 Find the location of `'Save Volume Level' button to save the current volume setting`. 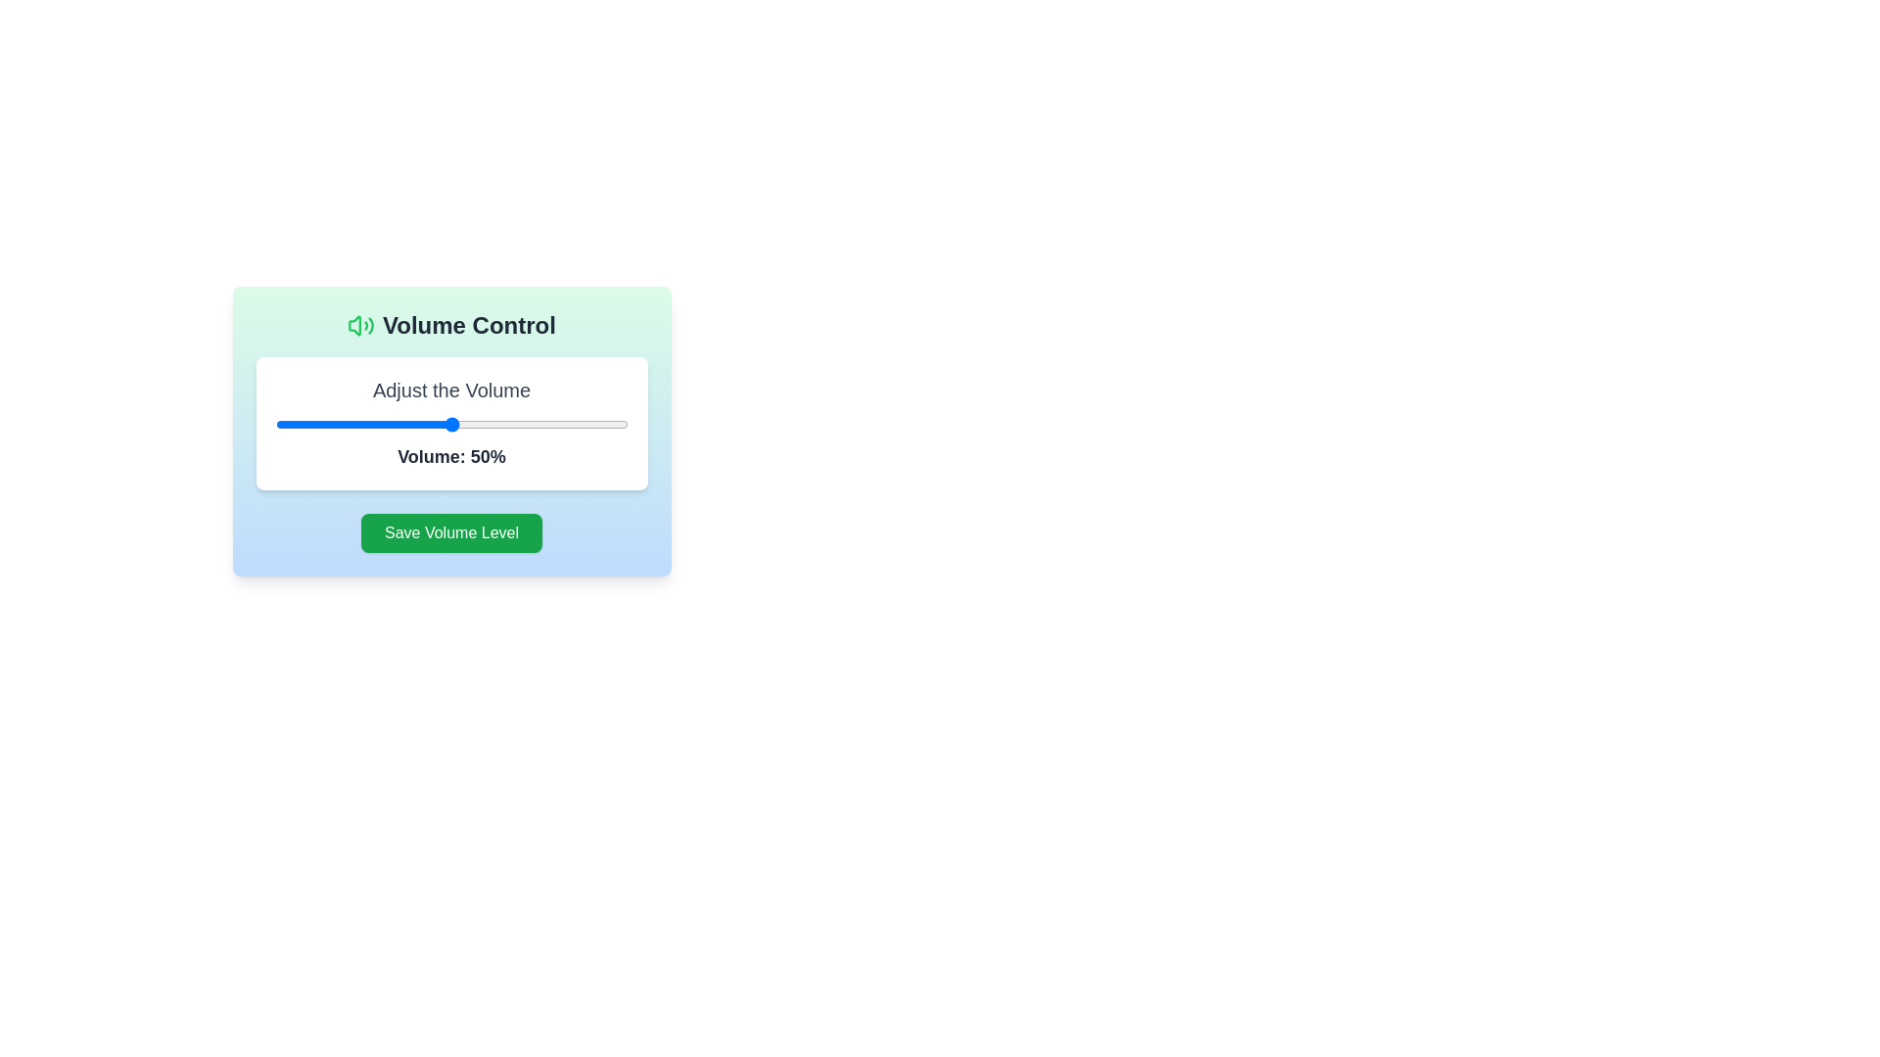

'Save Volume Level' button to save the current volume setting is located at coordinates (450, 532).